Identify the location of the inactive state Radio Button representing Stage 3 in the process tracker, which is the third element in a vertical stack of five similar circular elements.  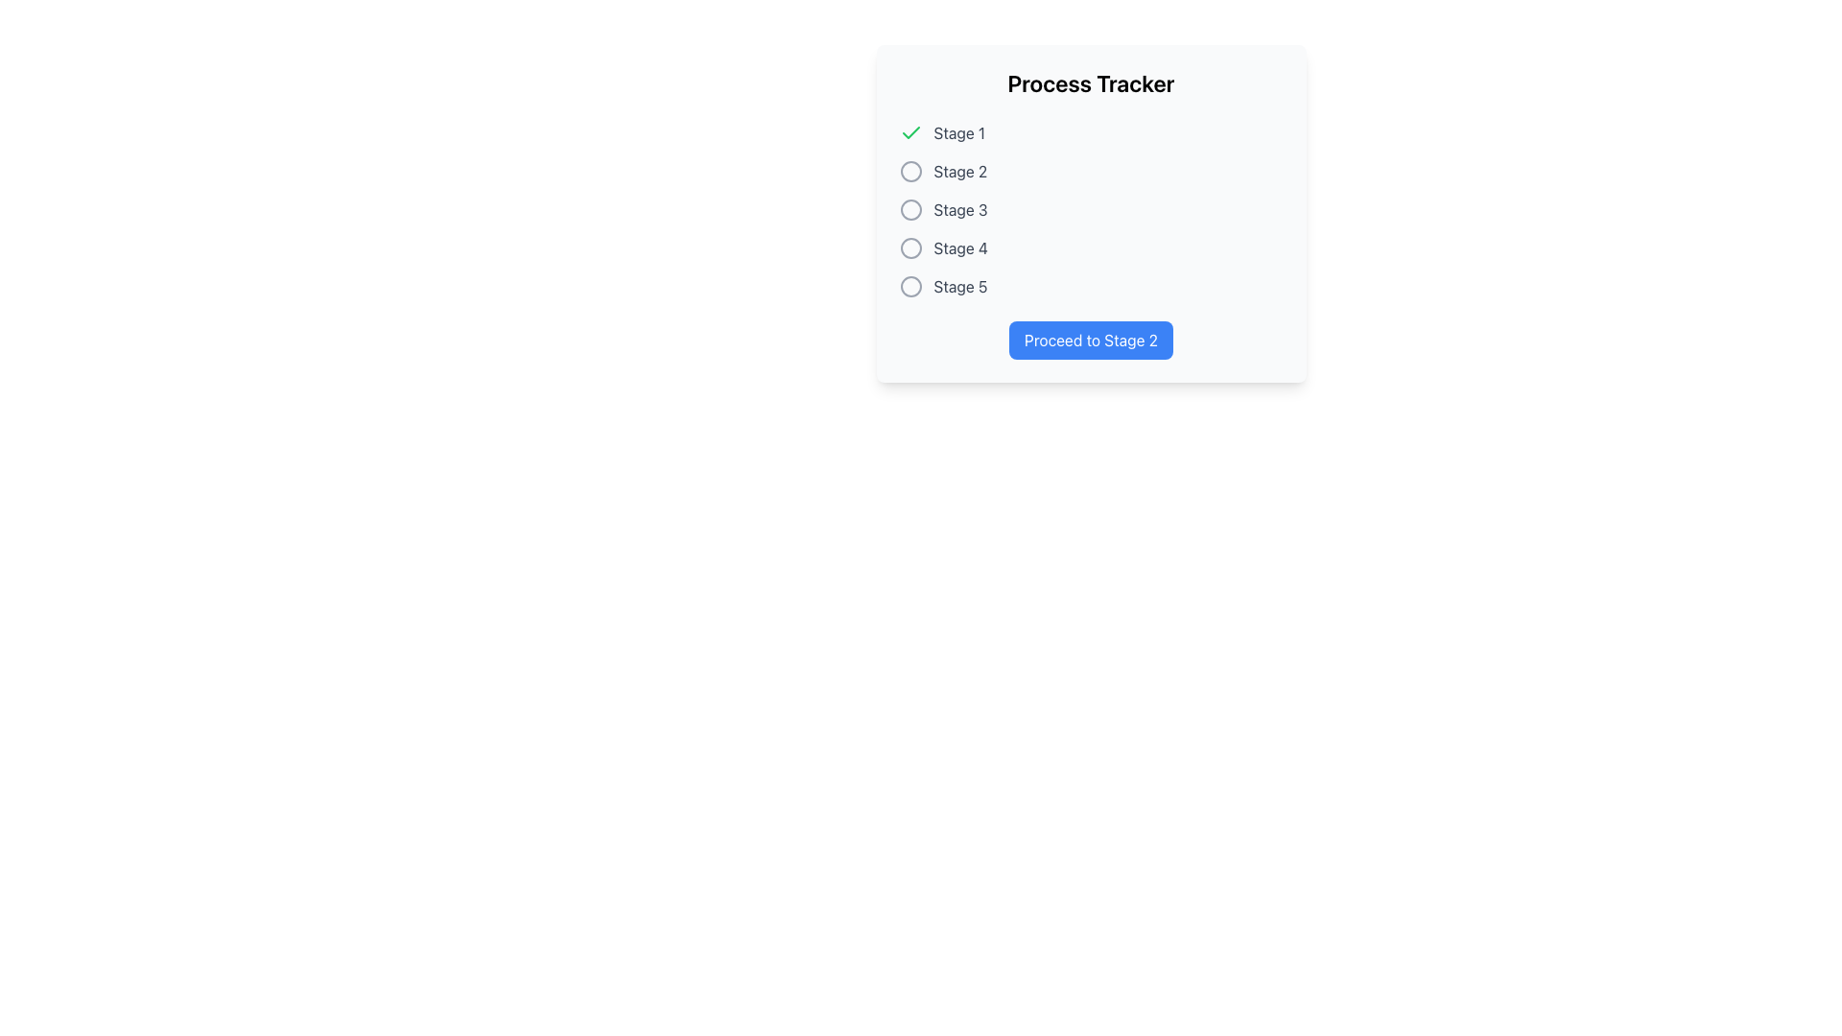
(909, 210).